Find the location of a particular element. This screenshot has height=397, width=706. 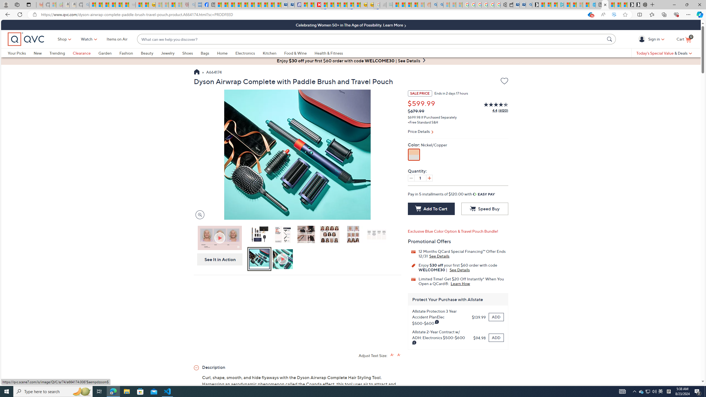

'A664174' is located at coordinates (213, 73).